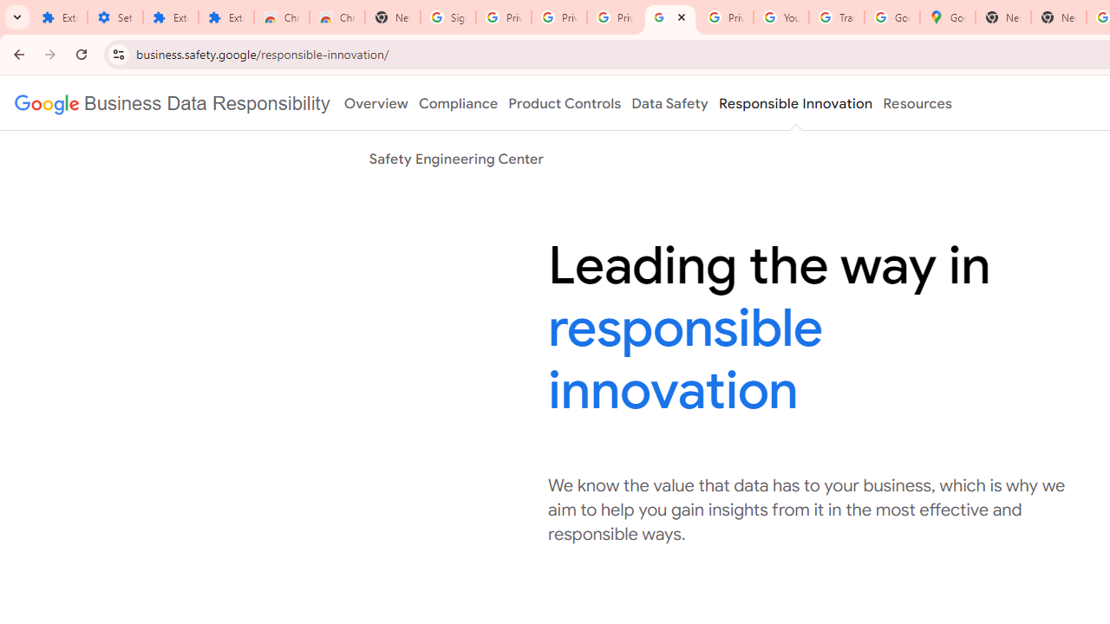 The height and width of the screenshot is (624, 1110). Describe the element at coordinates (456, 159) in the screenshot. I see `'Safety Engineering Center'` at that location.